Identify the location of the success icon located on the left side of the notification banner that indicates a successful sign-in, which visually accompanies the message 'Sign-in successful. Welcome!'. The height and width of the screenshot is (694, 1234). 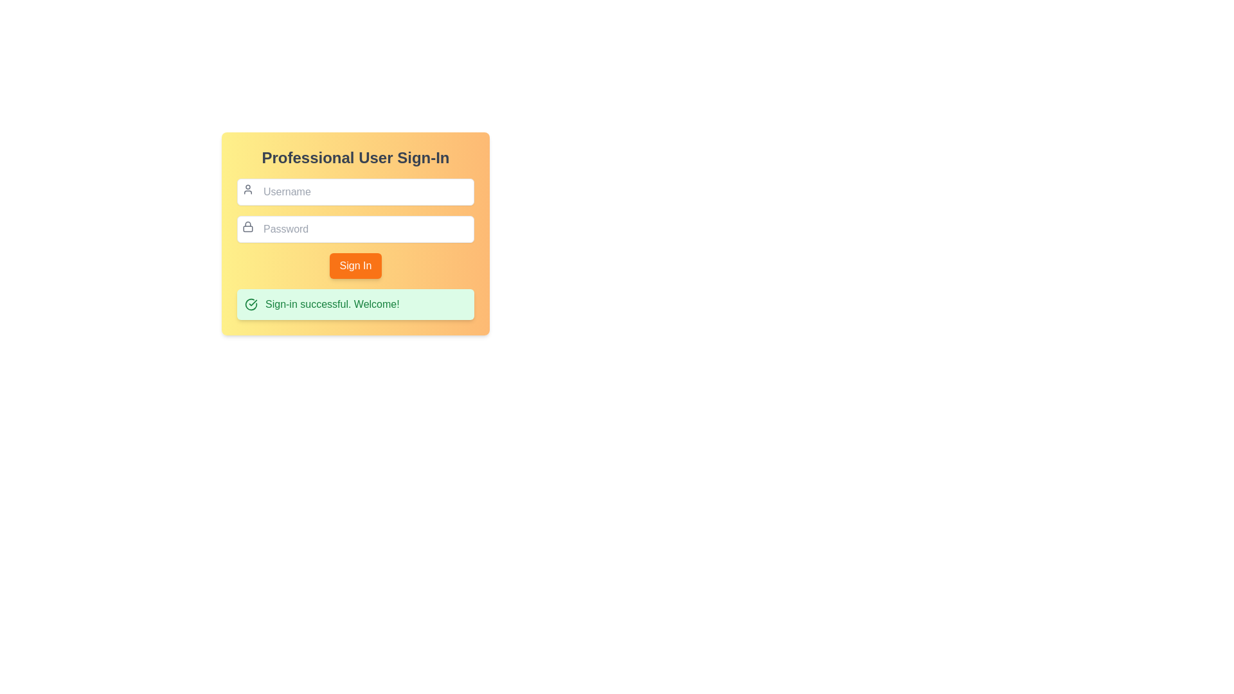
(251, 305).